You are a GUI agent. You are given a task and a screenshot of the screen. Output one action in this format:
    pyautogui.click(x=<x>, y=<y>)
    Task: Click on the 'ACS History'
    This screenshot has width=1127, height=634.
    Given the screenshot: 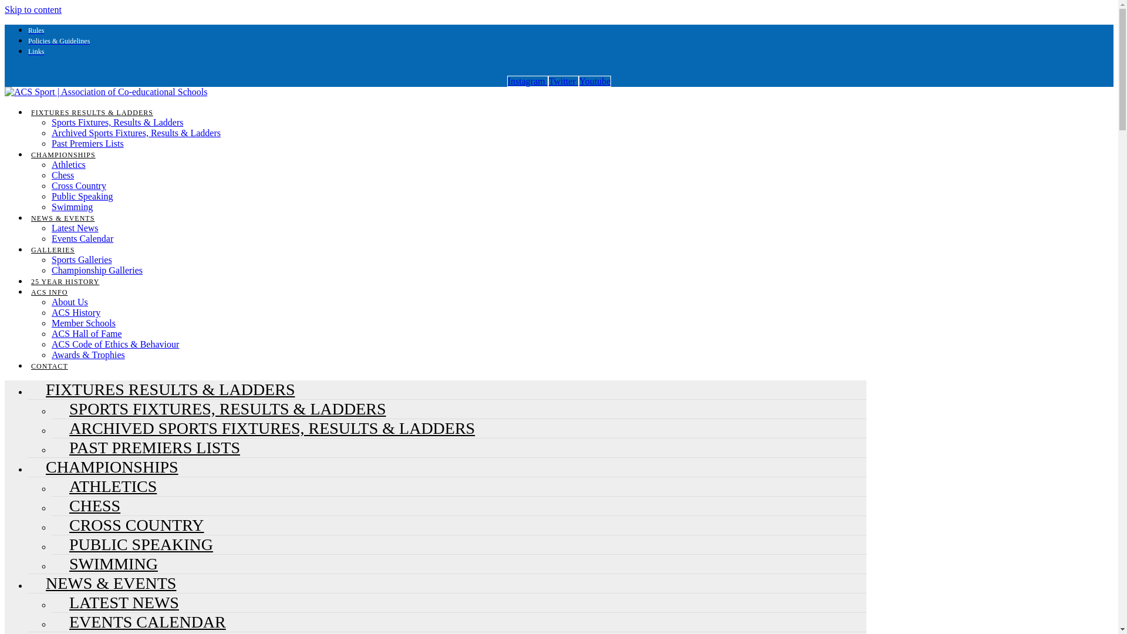 What is the action you would take?
    pyautogui.click(x=75, y=312)
    